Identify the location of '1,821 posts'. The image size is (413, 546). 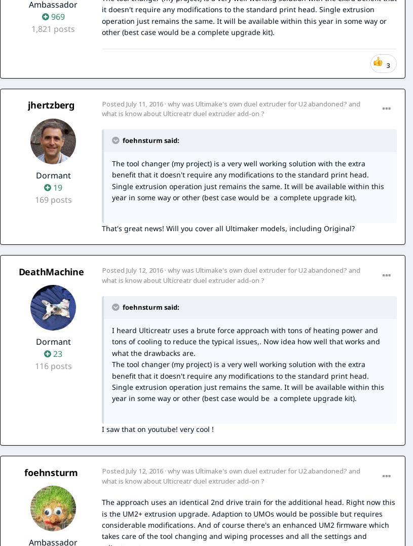
(52, 28).